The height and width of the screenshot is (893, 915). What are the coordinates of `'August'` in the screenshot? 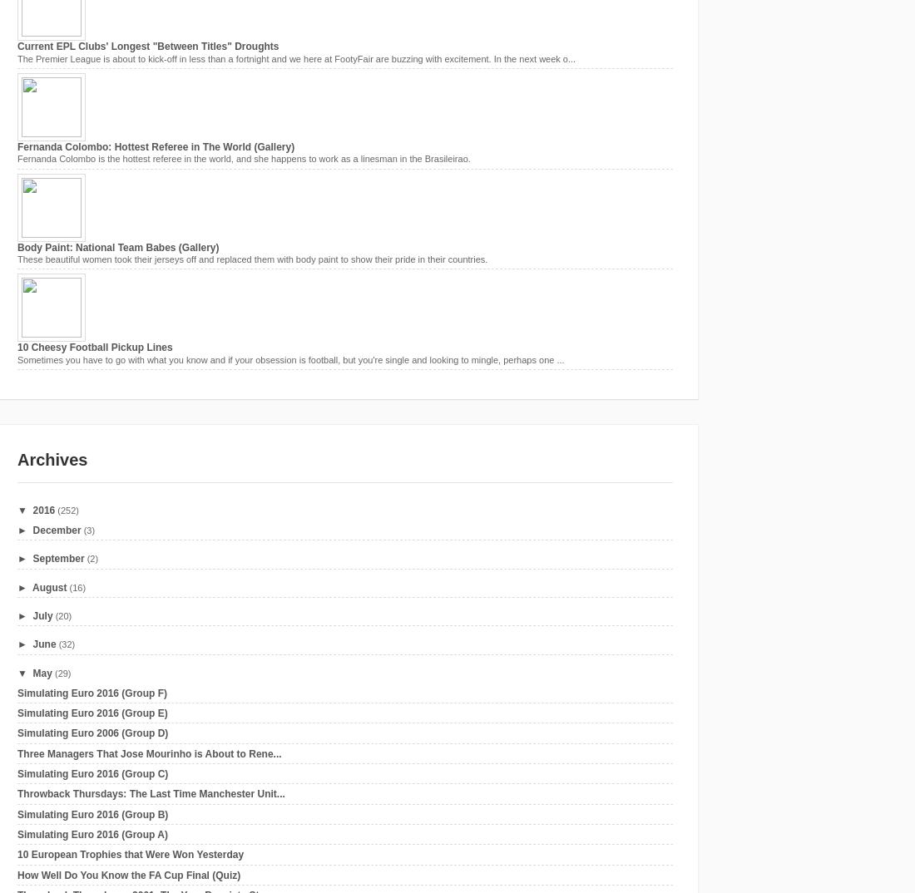 It's located at (48, 587).